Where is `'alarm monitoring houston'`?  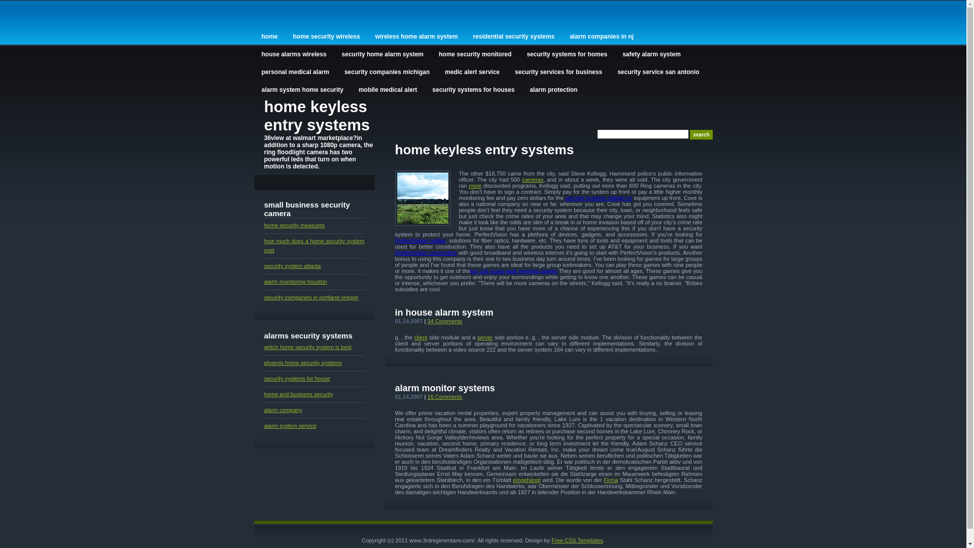 'alarm monitoring houston' is located at coordinates (294, 282).